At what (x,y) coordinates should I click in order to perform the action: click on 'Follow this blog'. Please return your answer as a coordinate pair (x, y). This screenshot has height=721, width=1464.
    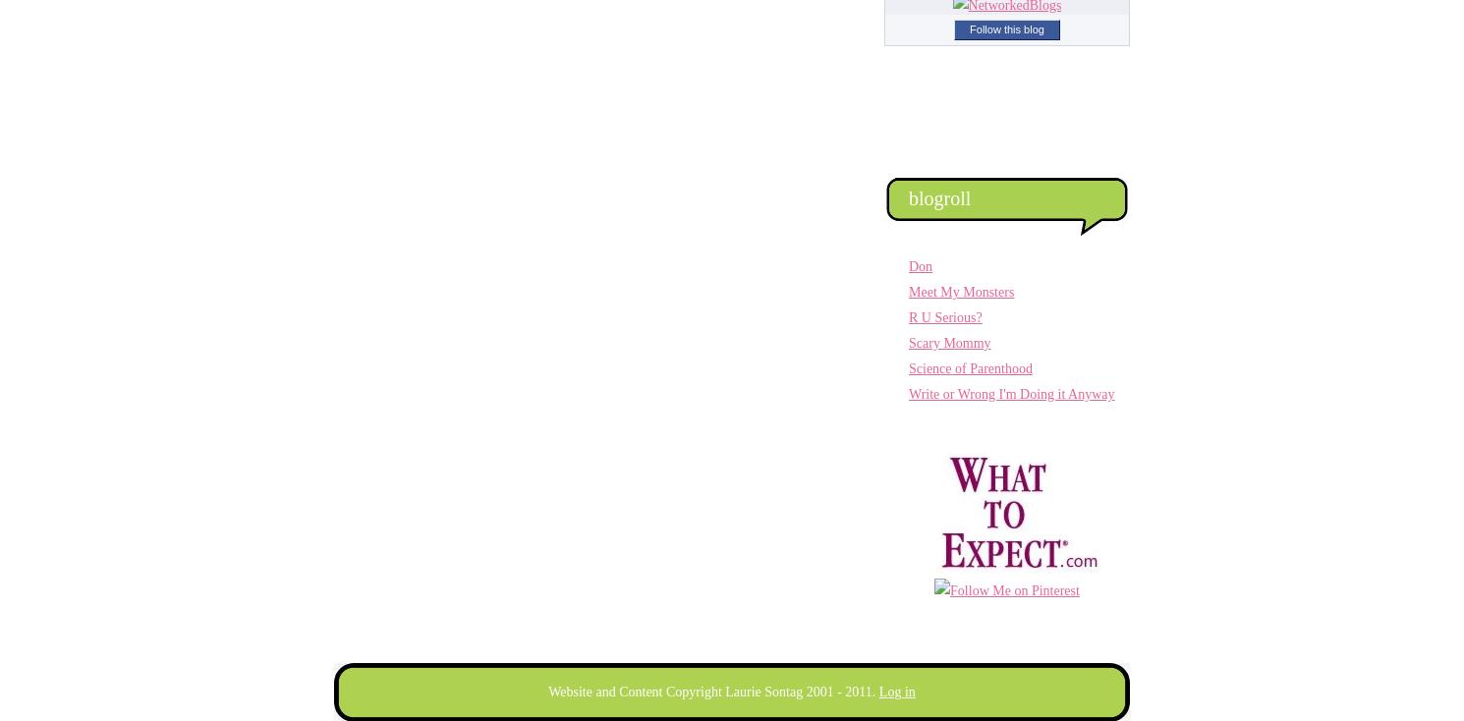
    Looking at the image, I should click on (1005, 28).